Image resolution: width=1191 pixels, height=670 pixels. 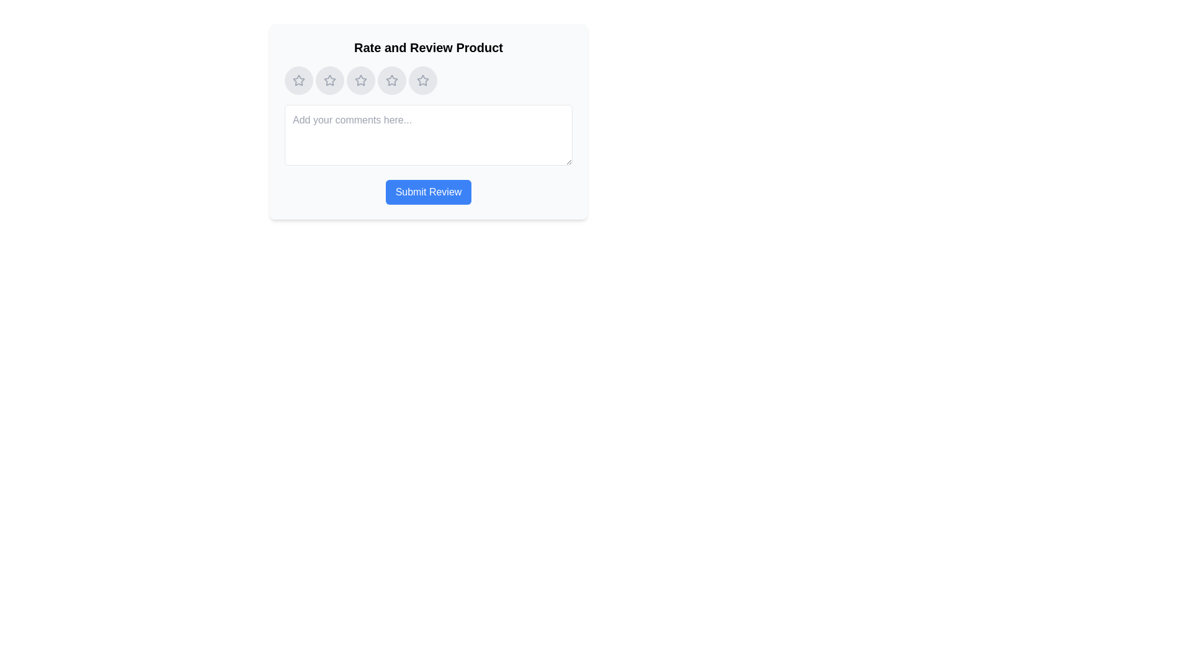 I want to click on the fifth star rating button located below the text 'Rate and Review Product', so click(x=422, y=81).